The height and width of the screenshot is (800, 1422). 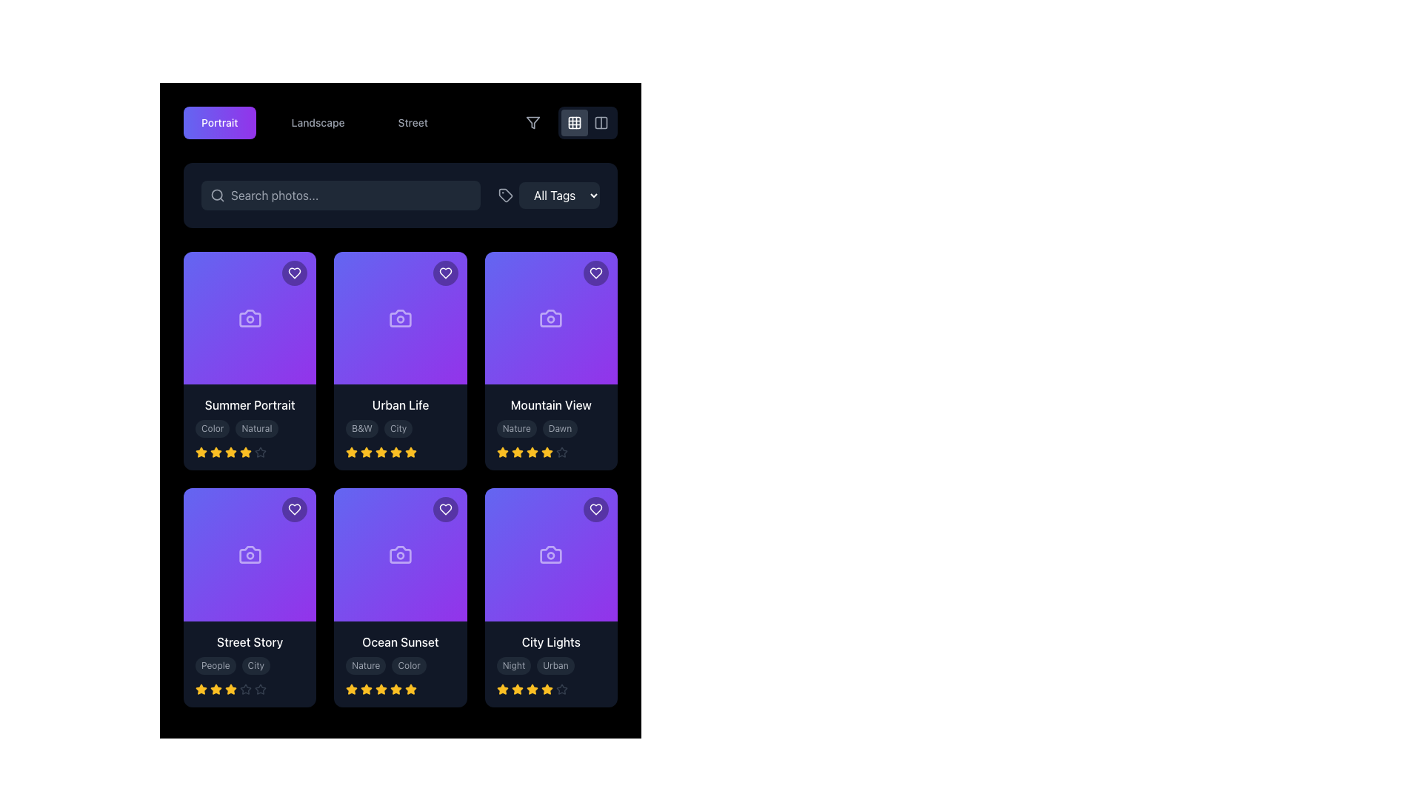 What do you see at coordinates (215, 664) in the screenshot?
I see `the small, rounded rectangular label with the text 'People' in light gray on a dark gray background, located towards the bottom left of the 'Street Story' card` at bounding box center [215, 664].